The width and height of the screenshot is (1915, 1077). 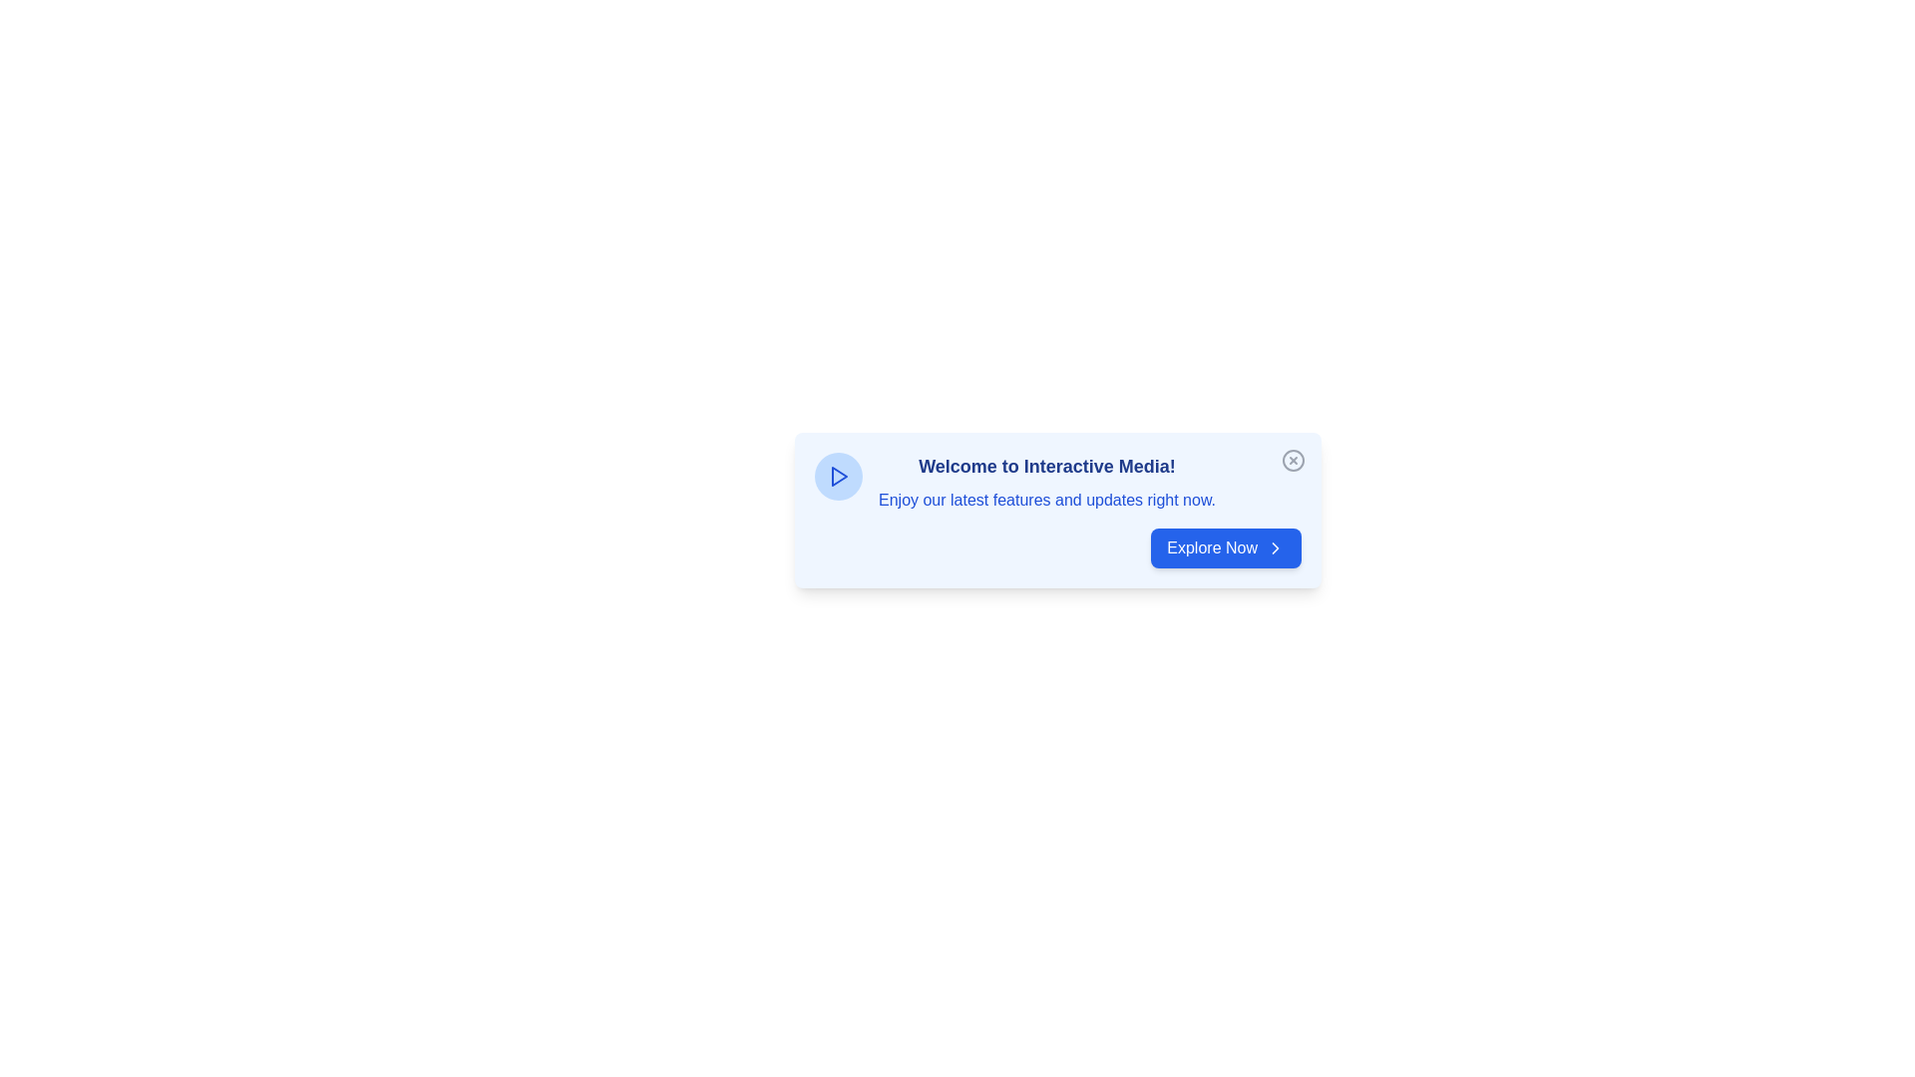 I want to click on the 'Explore Now' button to proceed, so click(x=1224, y=548).